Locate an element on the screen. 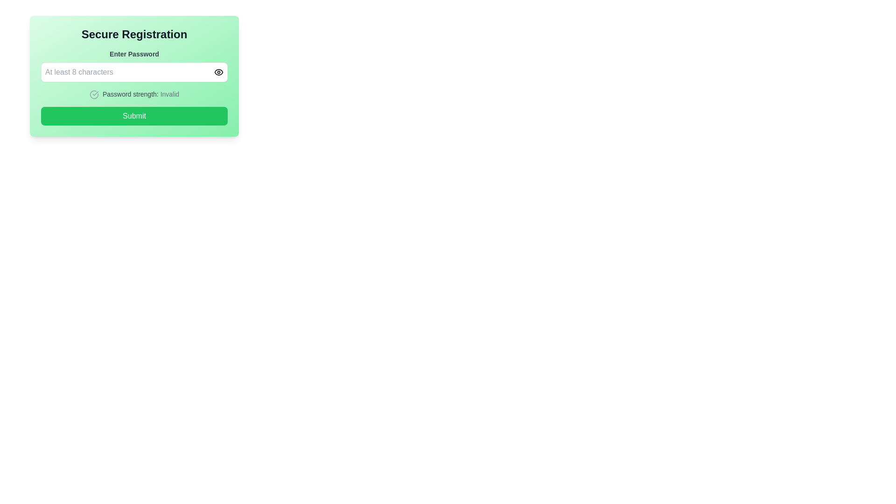  the static label text that indicates the password's evaluated strength, positioned to the left of the 'Invalid' text is located at coordinates (131, 94).